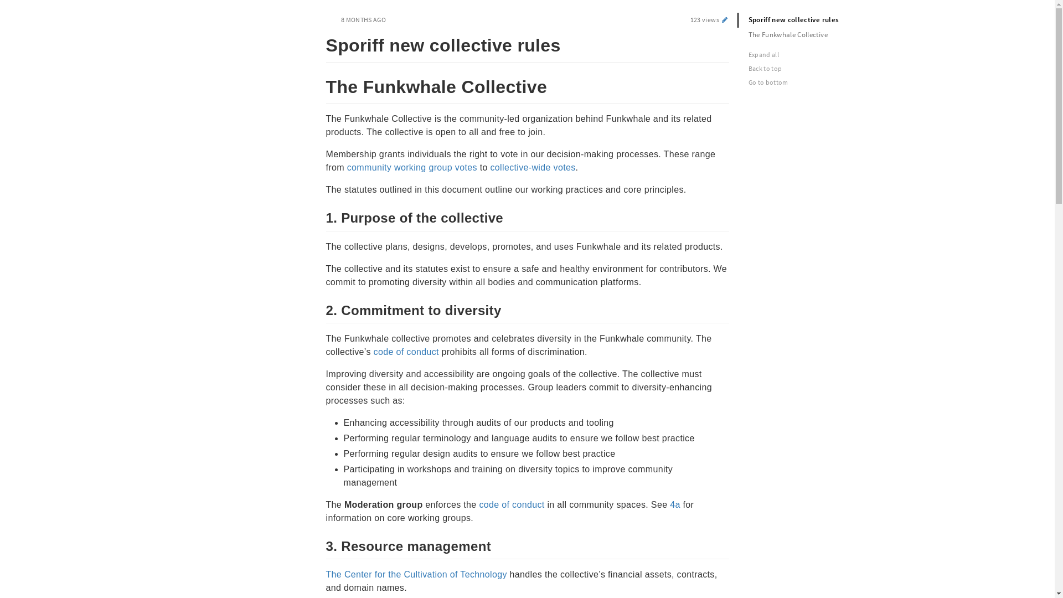  I want to click on 'code of conduct', so click(510, 504).